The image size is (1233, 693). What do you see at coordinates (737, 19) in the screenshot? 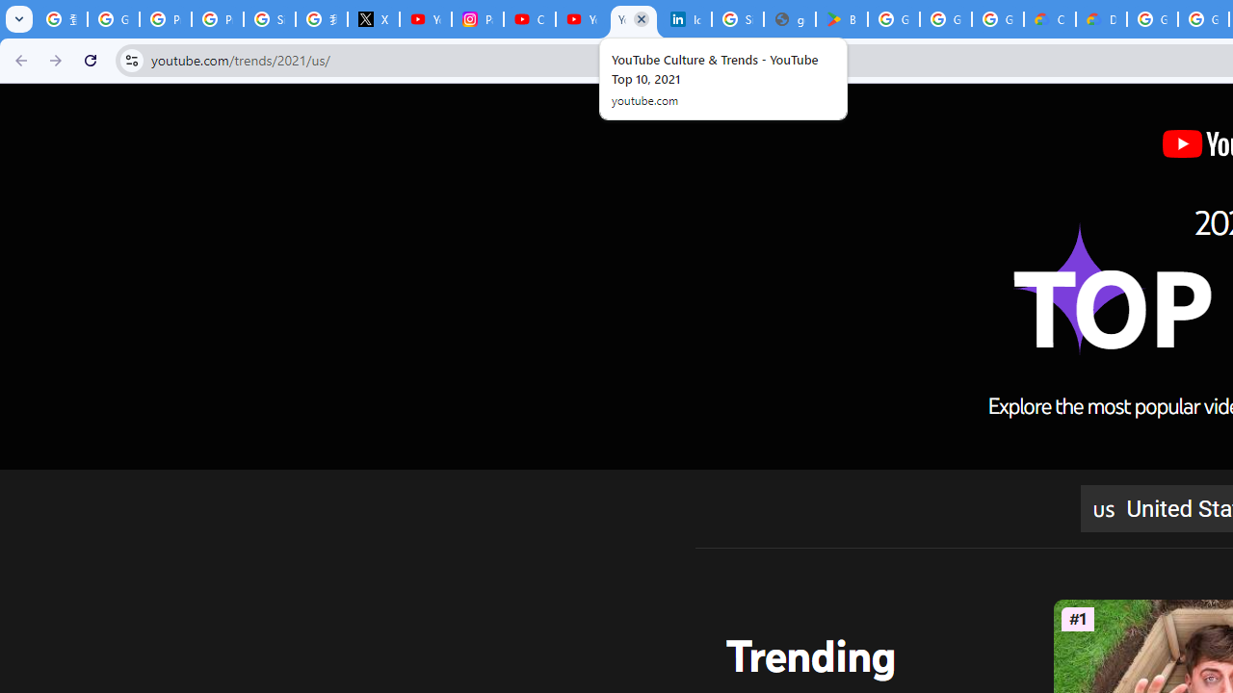
I see `'Sign in - Google Accounts'` at bounding box center [737, 19].